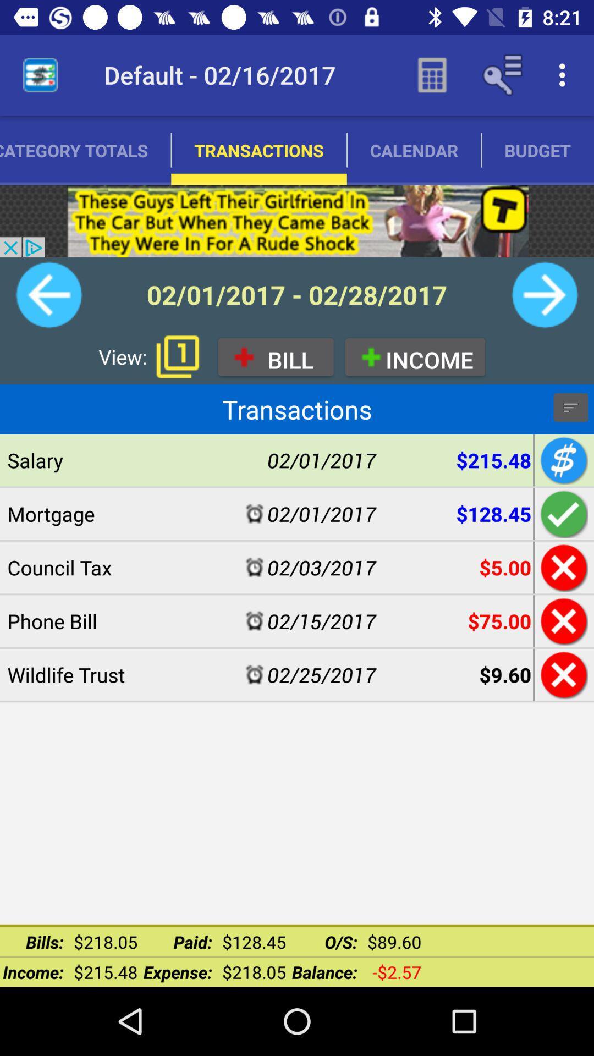 The height and width of the screenshot is (1056, 594). Describe the element at coordinates (562, 460) in the screenshot. I see `open pricing` at that location.